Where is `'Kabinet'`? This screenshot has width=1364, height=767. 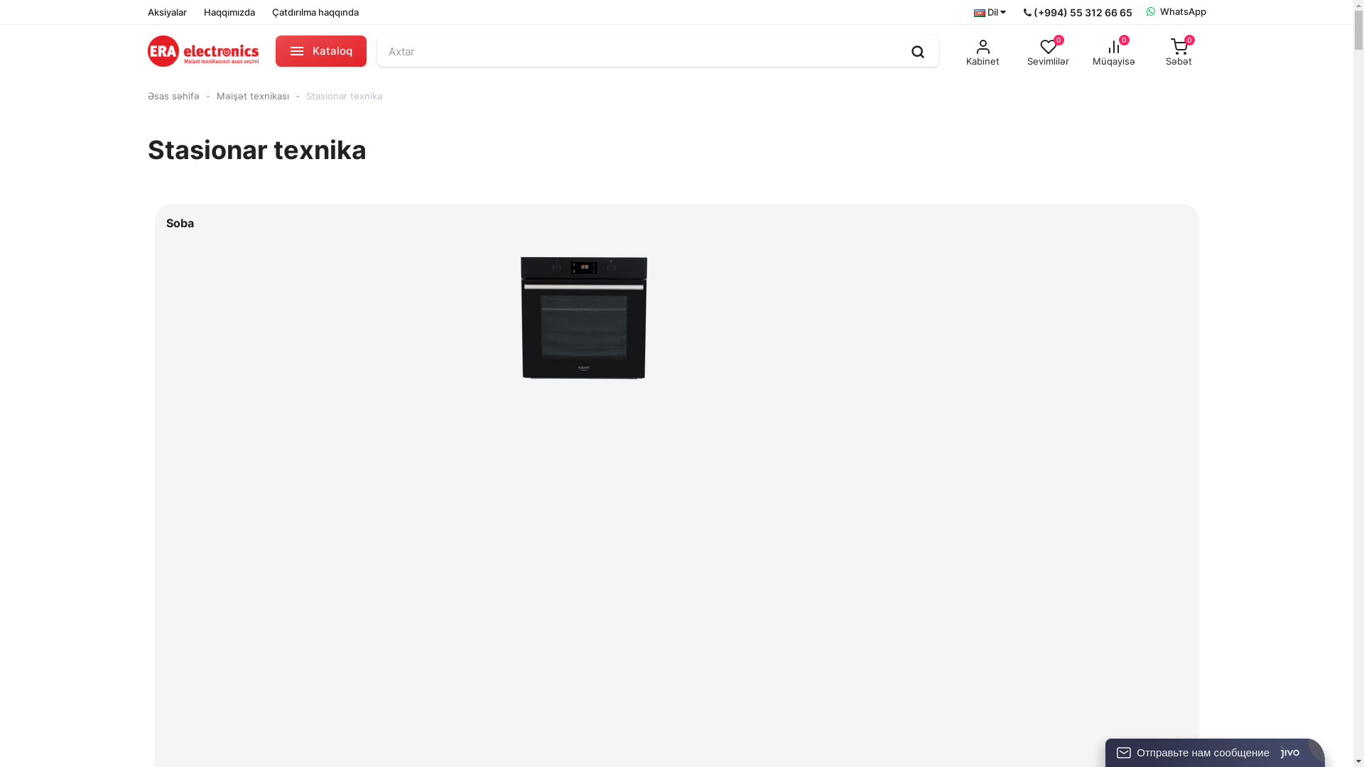 'Kabinet' is located at coordinates (982, 51).